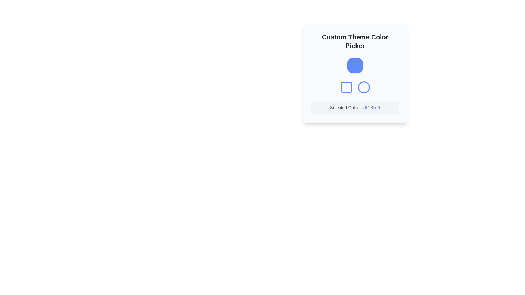 This screenshot has width=525, height=295. I want to click on the circular Color Picker Button located in the top section of the 'Custom Theme Color Picker' panel, so click(355, 65).